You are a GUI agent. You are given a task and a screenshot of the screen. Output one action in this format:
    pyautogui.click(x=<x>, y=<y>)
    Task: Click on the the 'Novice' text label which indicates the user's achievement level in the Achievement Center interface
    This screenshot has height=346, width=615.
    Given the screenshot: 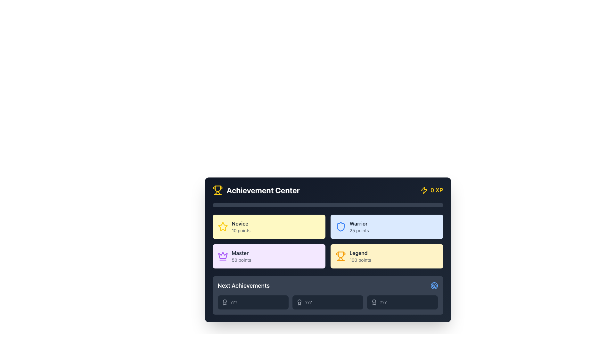 What is the action you would take?
    pyautogui.click(x=241, y=223)
    